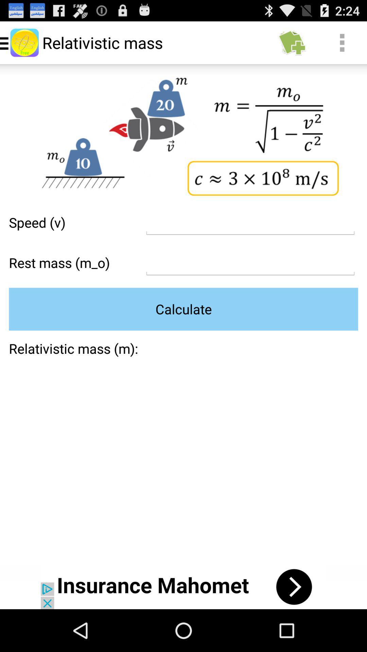 Image resolution: width=367 pixels, height=652 pixels. Describe the element at coordinates (250, 262) in the screenshot. I see `text in the word` at that location.